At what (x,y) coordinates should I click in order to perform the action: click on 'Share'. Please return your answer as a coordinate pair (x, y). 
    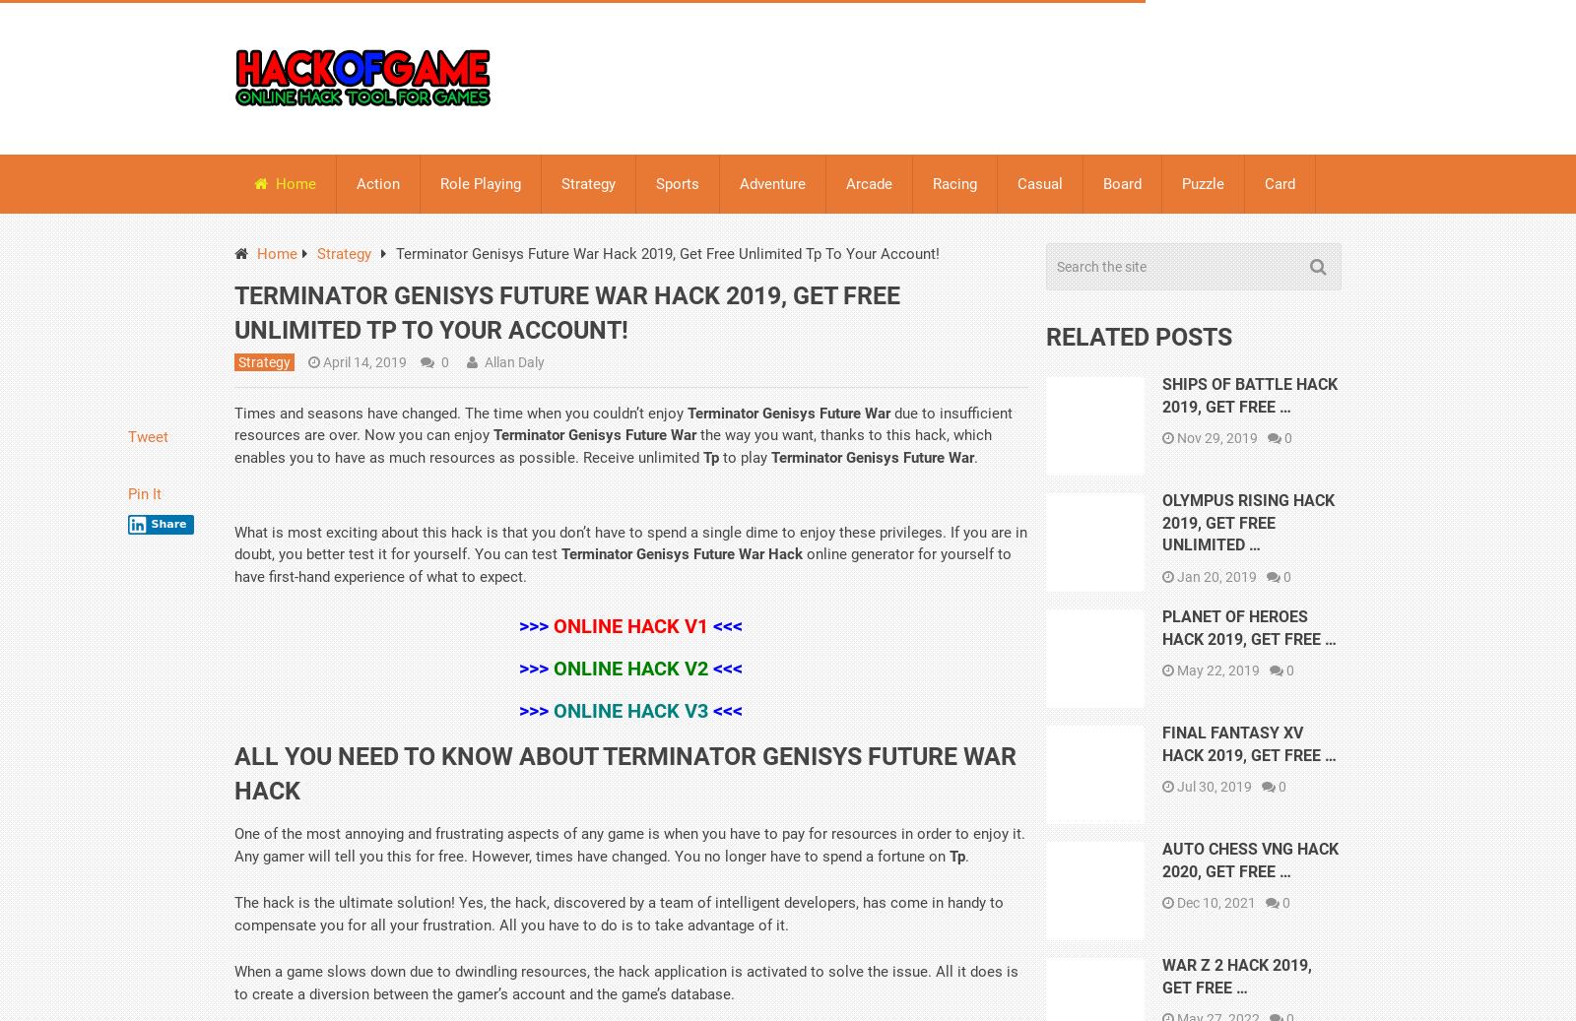
    Looking at the image, I should click on (167, 523).